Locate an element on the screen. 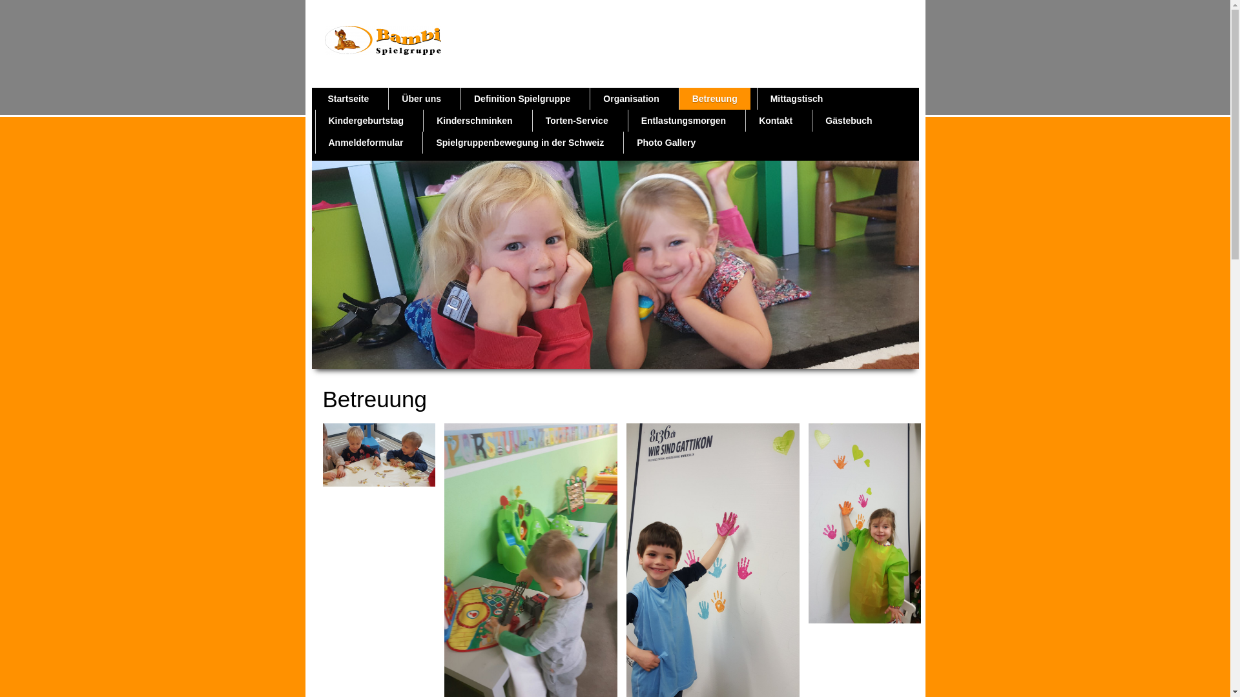  'Torten-Service' is located at coordinates (576, 120).